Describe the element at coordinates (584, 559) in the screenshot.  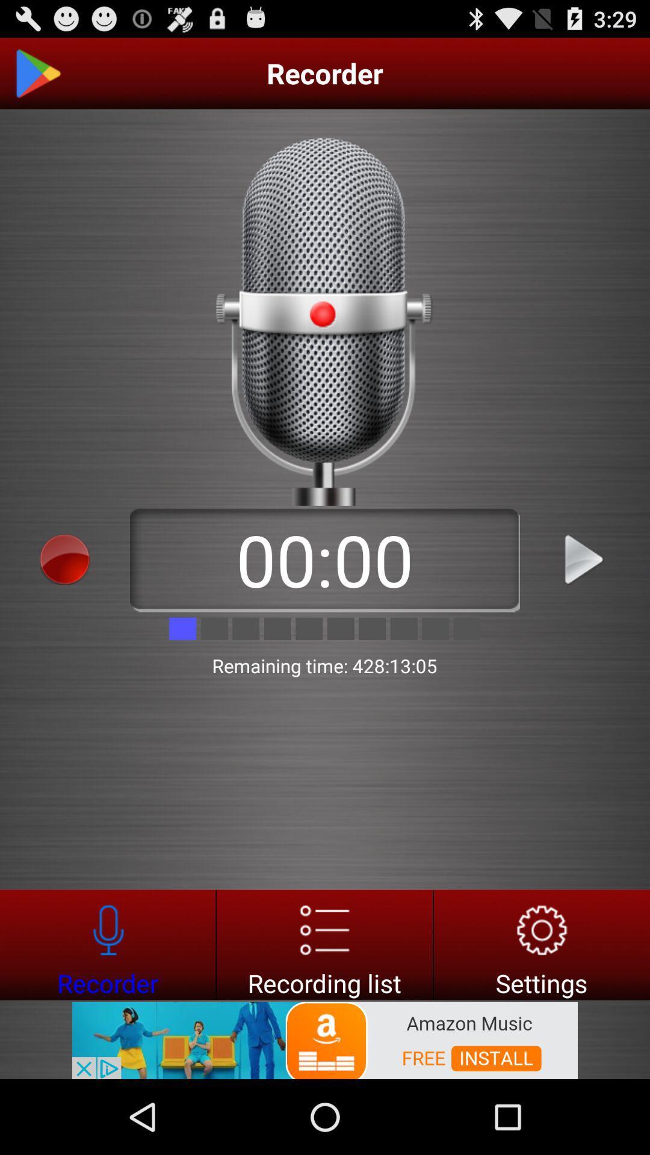
I see `radio play` at that location.